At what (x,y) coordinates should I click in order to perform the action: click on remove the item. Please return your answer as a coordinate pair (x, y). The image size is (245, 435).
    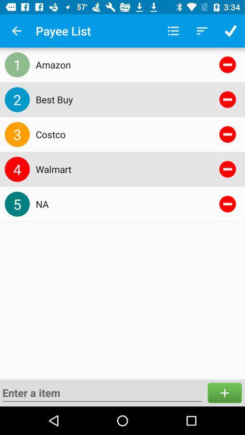
    Looking at the image, I should click on (227, 204).